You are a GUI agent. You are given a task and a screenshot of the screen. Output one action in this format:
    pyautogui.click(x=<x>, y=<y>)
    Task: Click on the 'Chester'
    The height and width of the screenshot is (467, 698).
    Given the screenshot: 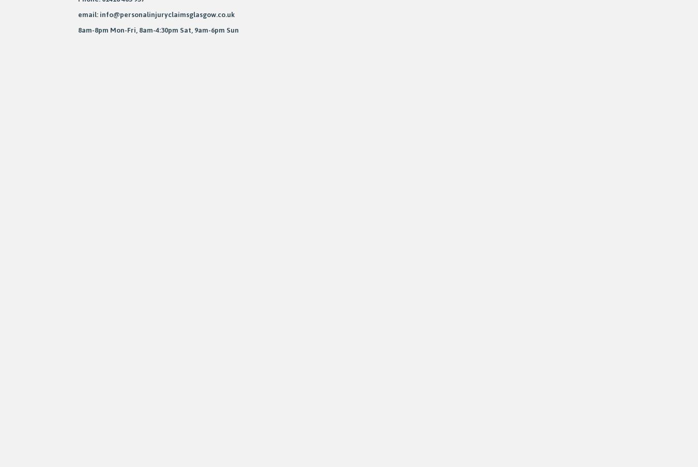 What is the action you would take?
    pyautogui.click(x=13, y=188)
    